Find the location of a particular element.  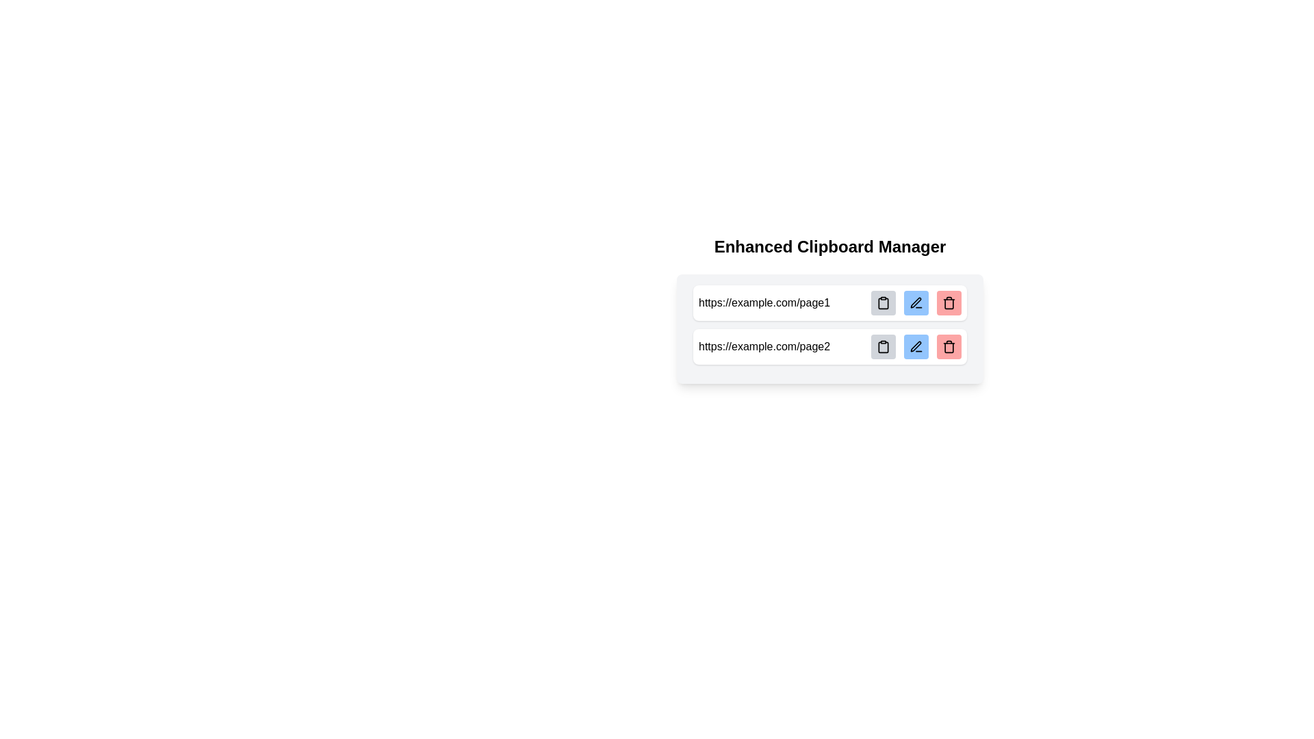

the trash bin icon, which symbolizes a delete action for the associated clipboard item, located in the rightmost section of the second row is located at coordinates (949, 302).